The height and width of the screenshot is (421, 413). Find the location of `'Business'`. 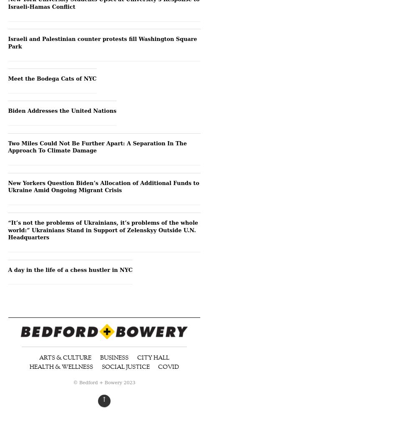

'Business' is located at coordinates (114, 357).